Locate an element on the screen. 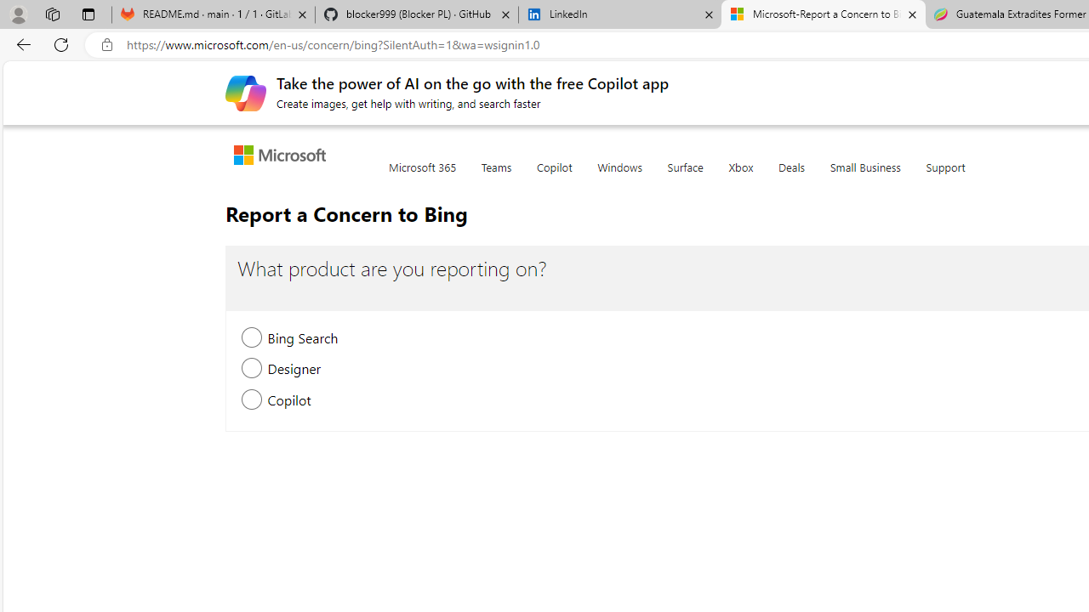  'Bing Search, new section will be expanded' is located at coordinates (251, 339).